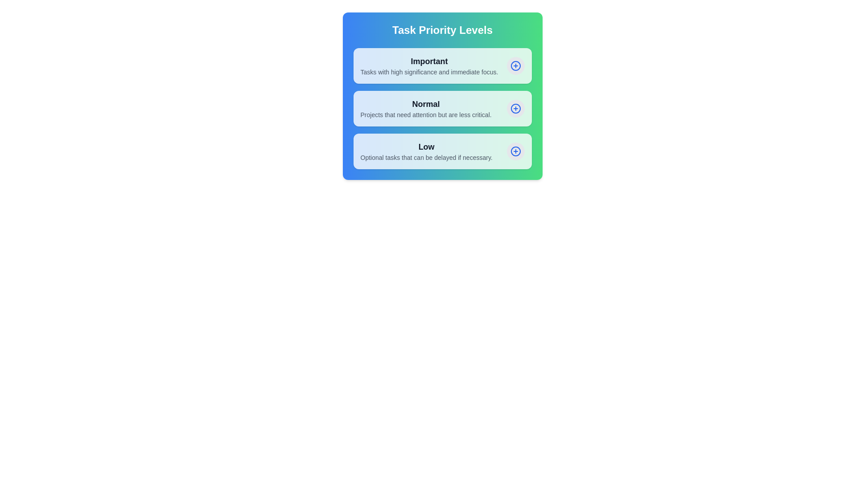 This screenshot has height=481, width=856. I want to click on the Circle icon representing the 'Add' or 'Plus' function for the 'Normal' priority level, located on the right side of the row adjacent to the descriptive text, so click(515, 108).